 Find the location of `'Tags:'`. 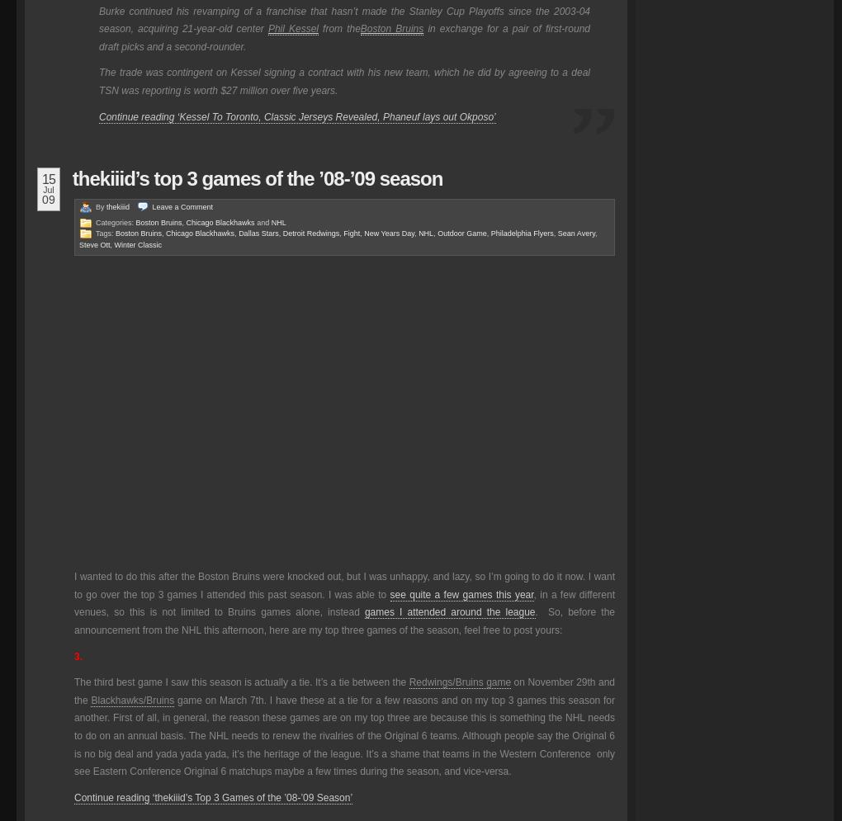

'Tags:' is located at coordinates (106, 232).